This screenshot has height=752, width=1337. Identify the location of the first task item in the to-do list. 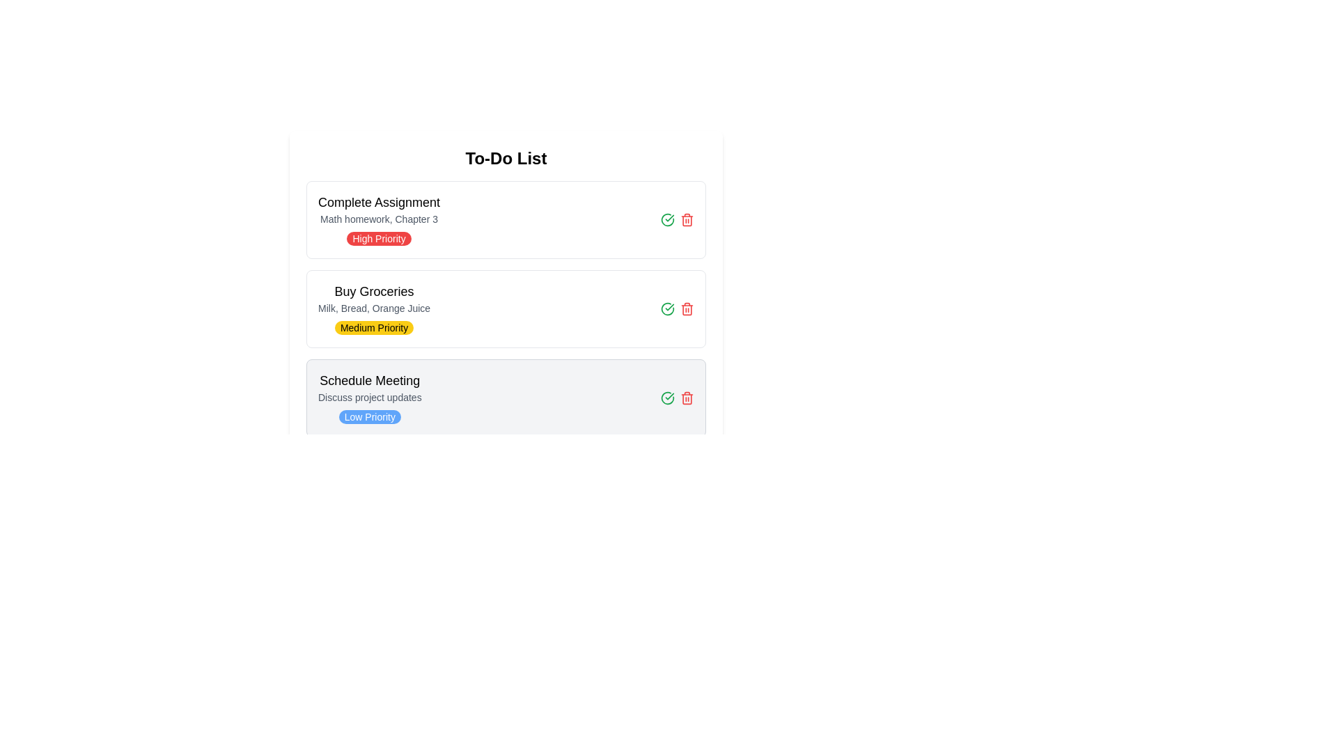
(379, 219).